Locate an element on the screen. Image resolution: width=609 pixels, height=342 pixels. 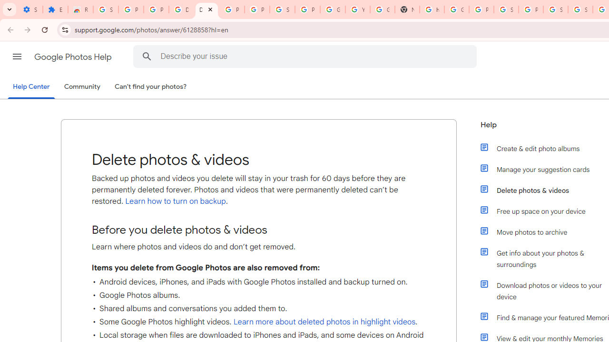
'Sign in - Google Accounts' is located at coordinates (556, 9).